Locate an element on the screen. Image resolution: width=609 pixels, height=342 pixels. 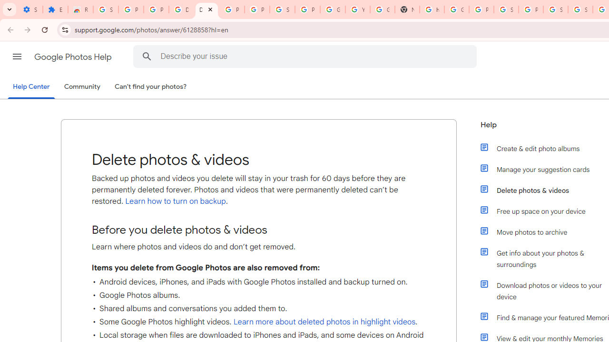
'Sign in - Google Accounts' is located at coordinates (556, 9).